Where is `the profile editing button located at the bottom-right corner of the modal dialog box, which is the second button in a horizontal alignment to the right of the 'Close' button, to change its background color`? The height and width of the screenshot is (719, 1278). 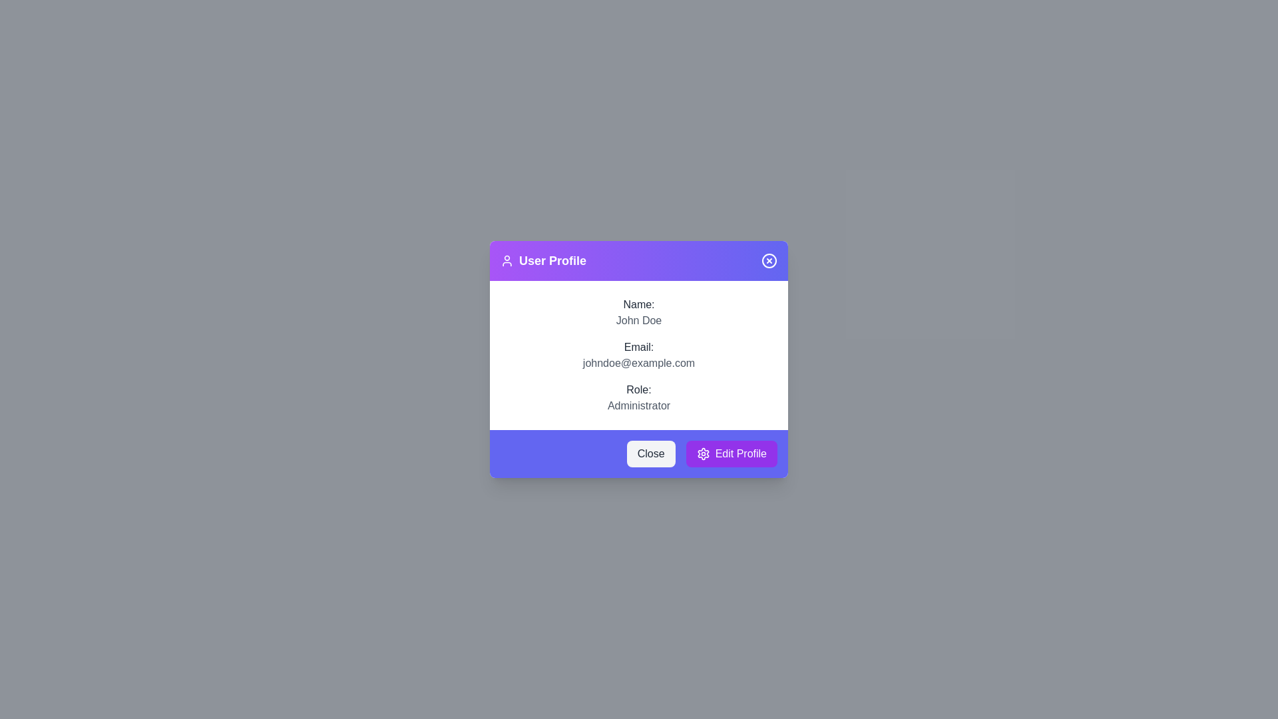
the profile editing button located at the bottom-right corner of the modal dialog box, which is the second button in a horizontal alignment to the right of the 'Close' button, to change its background color is located at coordinates (731, 453).